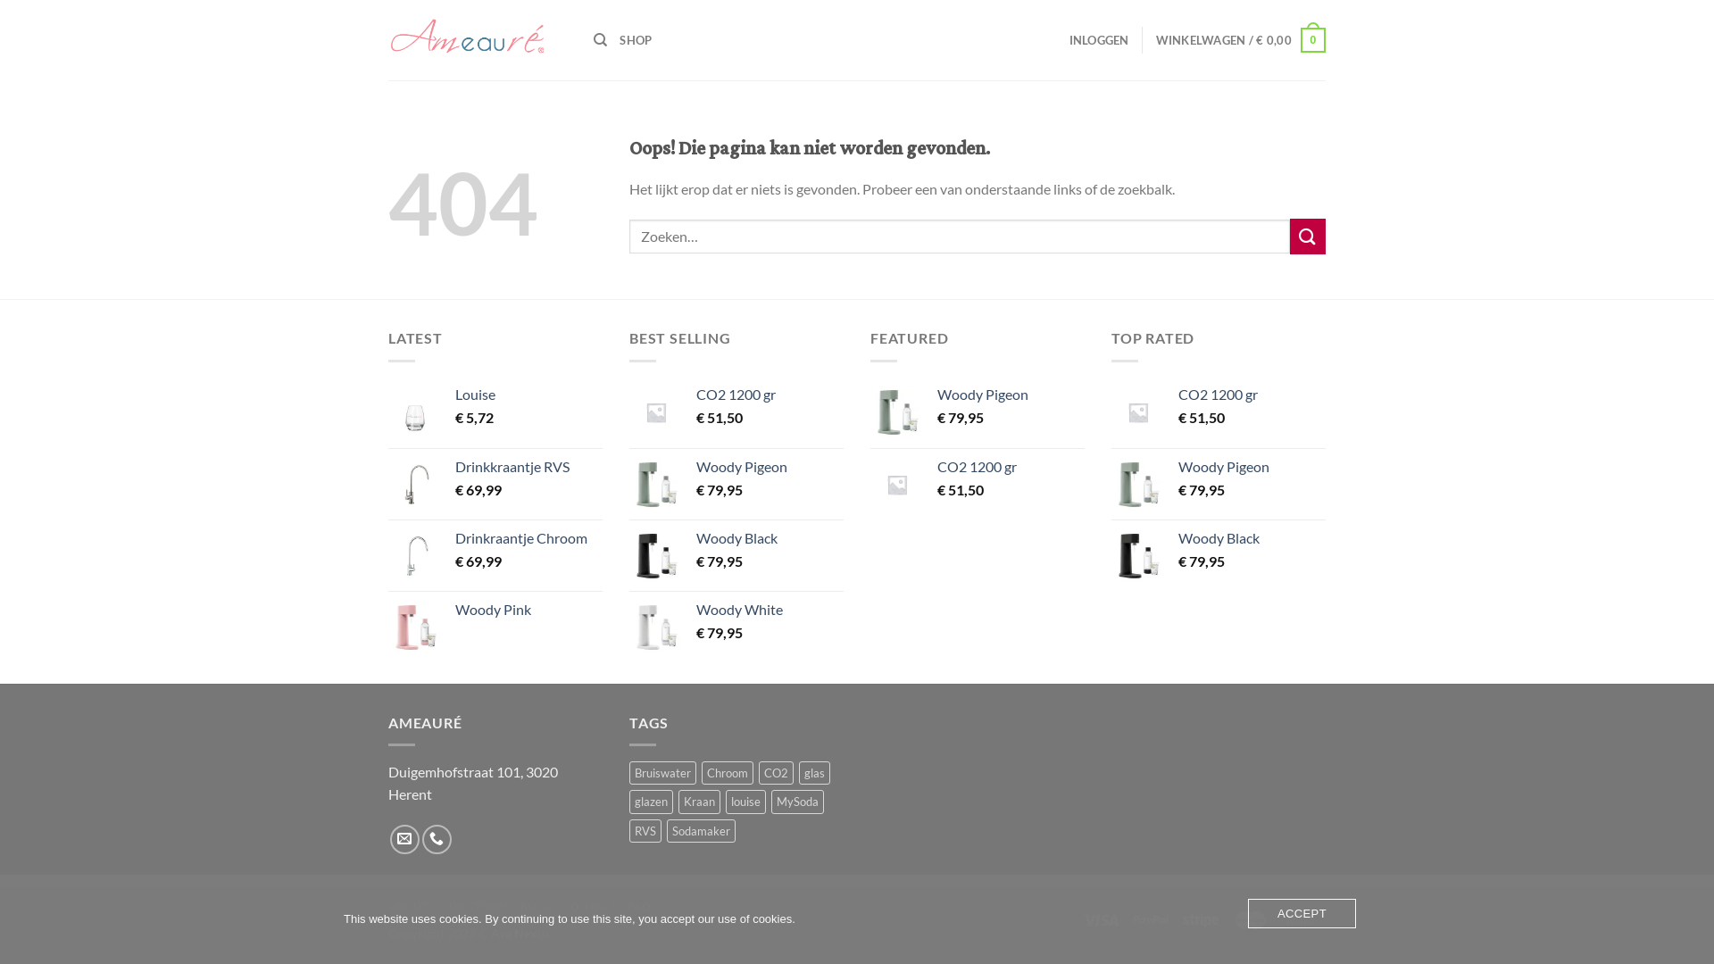  Describe the element at coordinates (635, 40) in the screenshot. I see `'SHOP'` at that location.